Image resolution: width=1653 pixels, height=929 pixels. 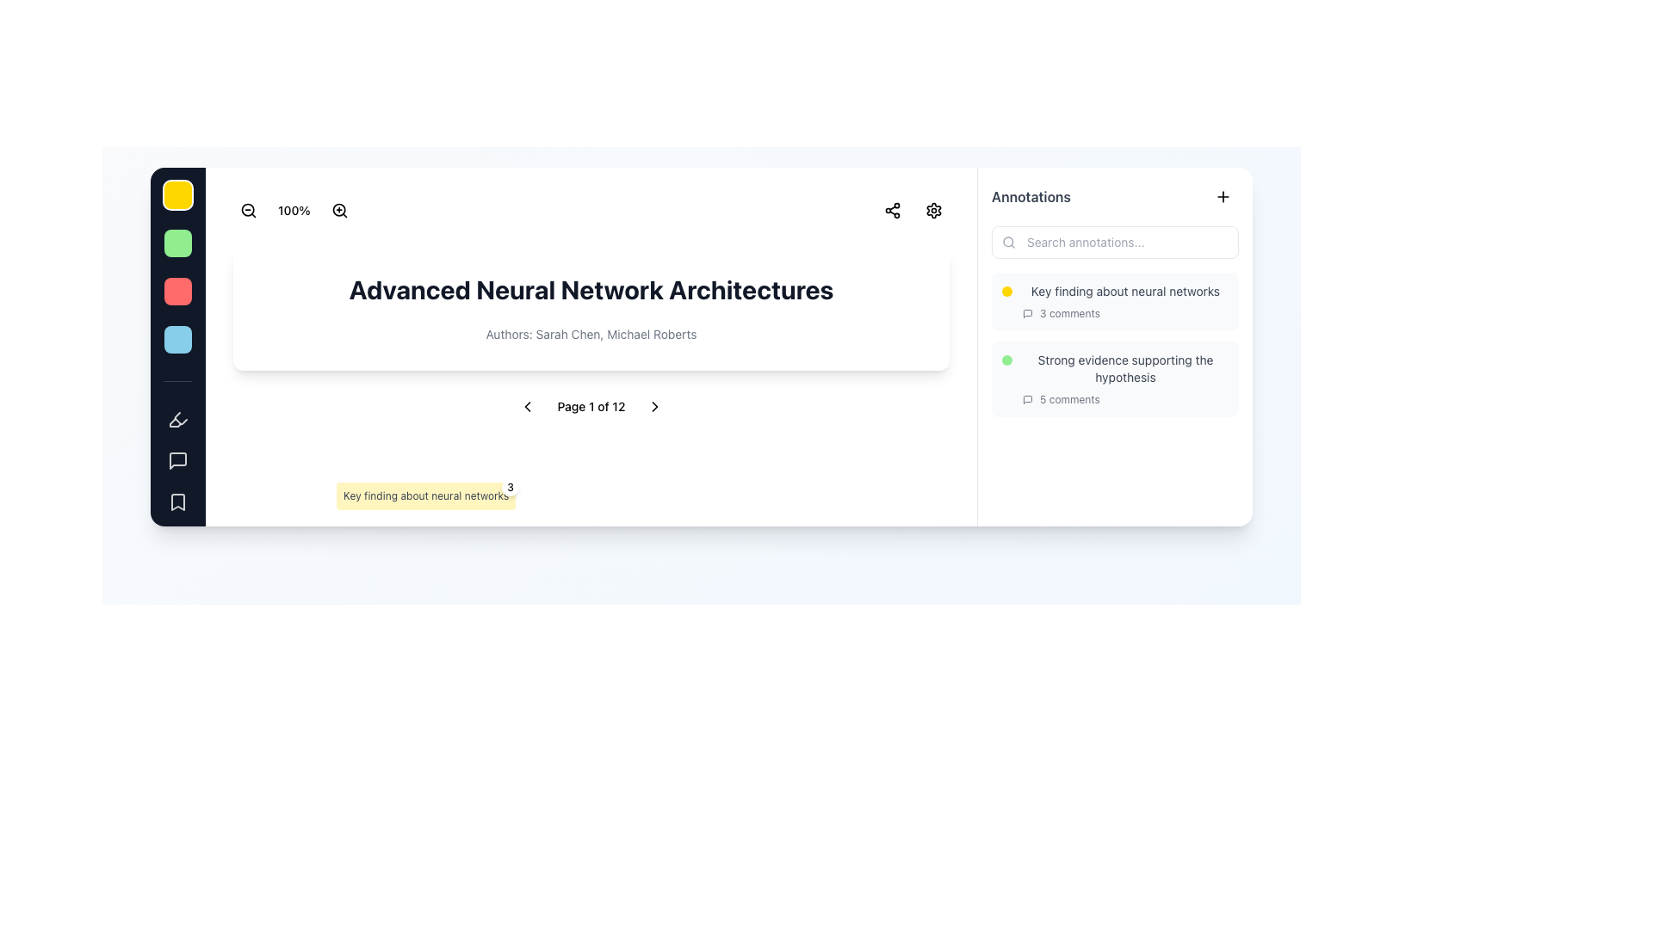 I want to click on the second list item in the annotation panel, which has a light gray background and displays the text 'Strong evidence supporting the hypothesis' with '5 comments' below it, so click(x=1115, y=378).